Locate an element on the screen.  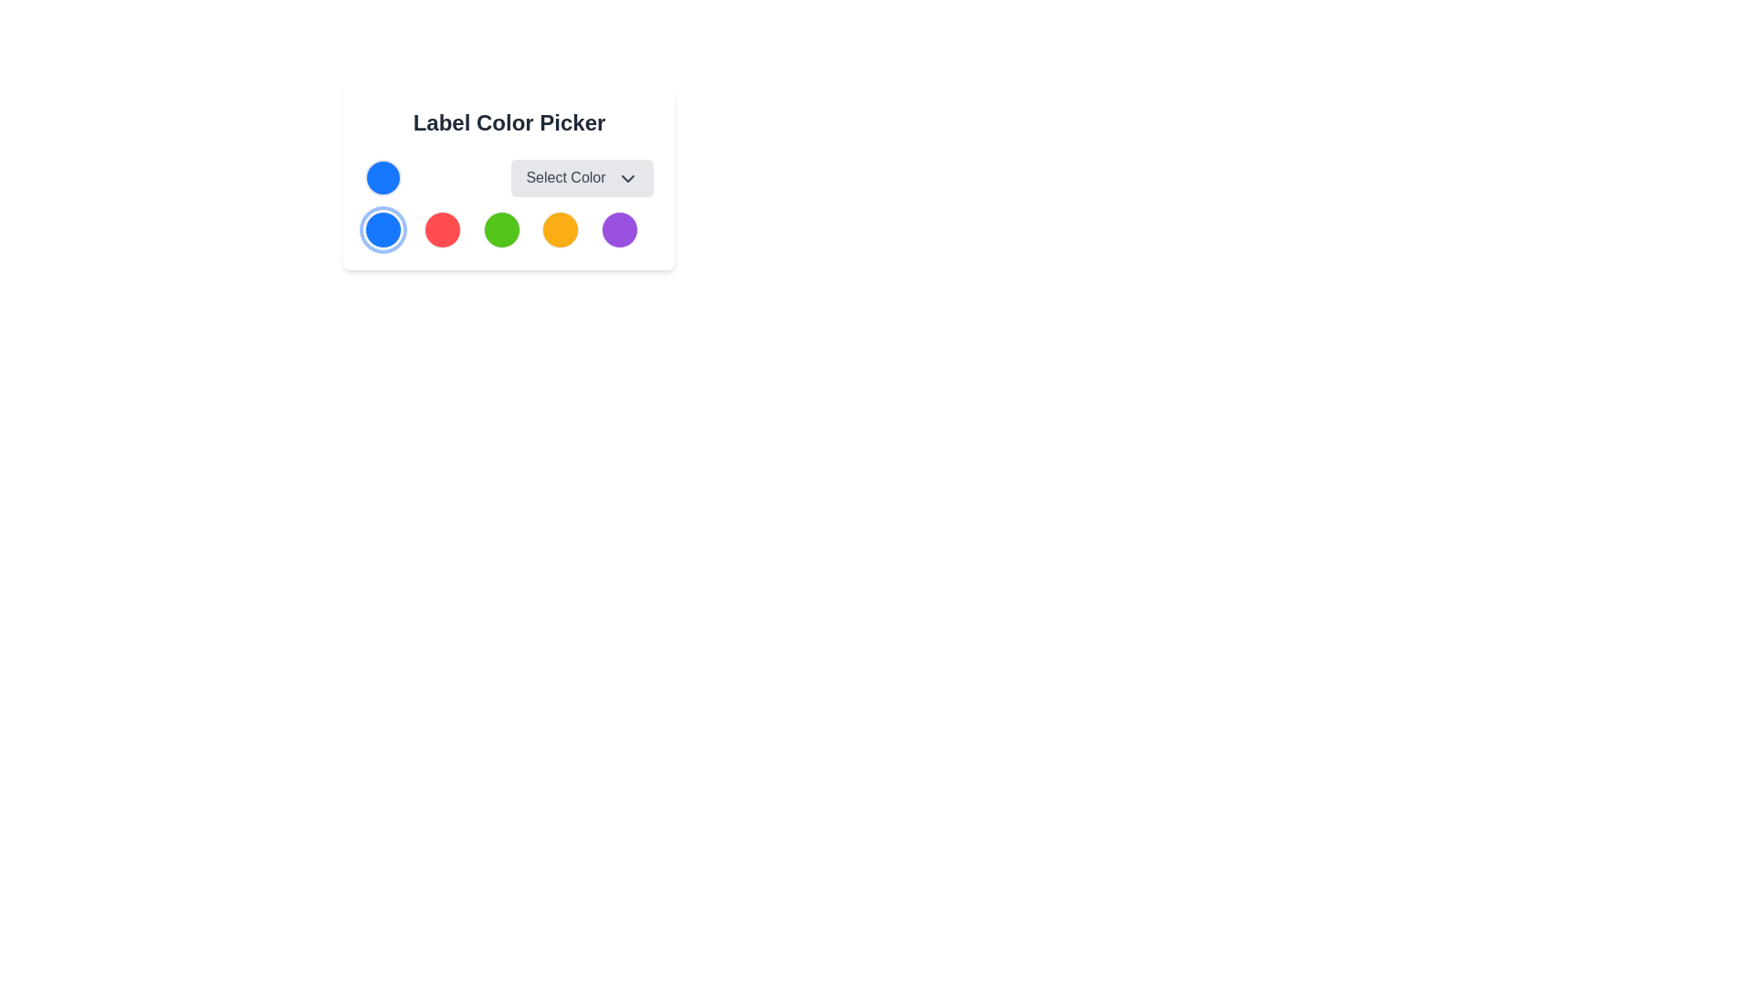
the dropdown menu of the color picker module is located at coordinates (509, 178).